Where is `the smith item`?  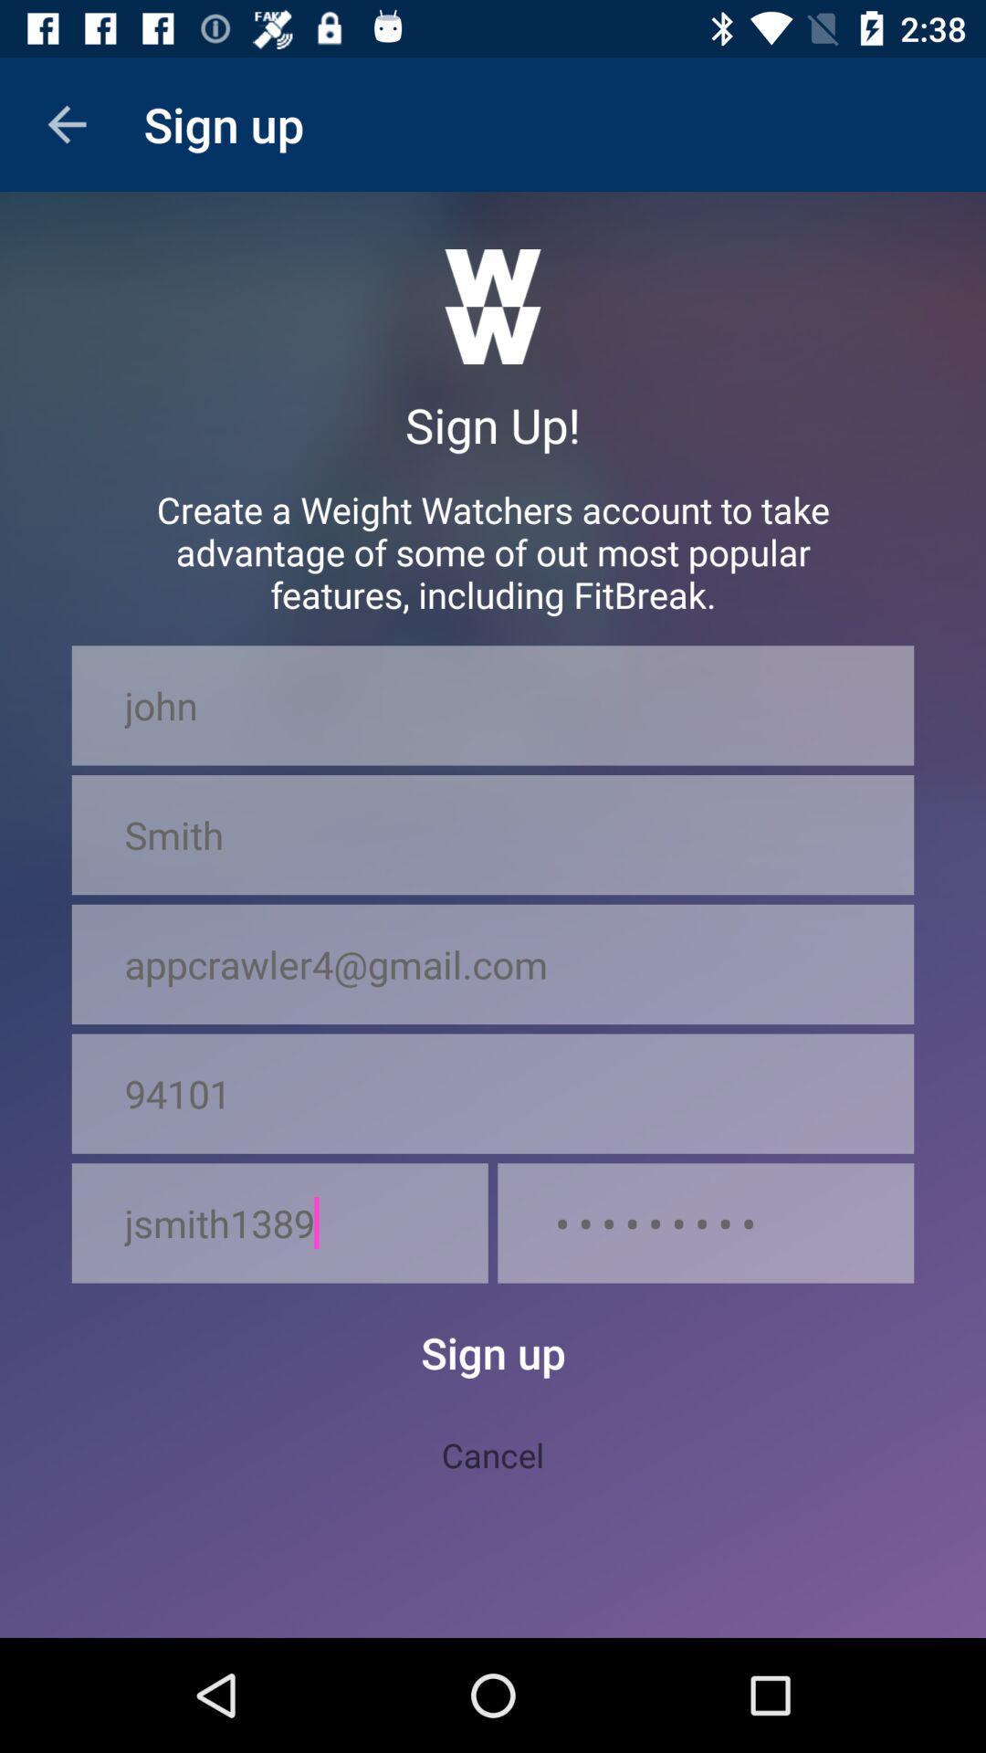
the smith item is located at coordinates (493, 834).